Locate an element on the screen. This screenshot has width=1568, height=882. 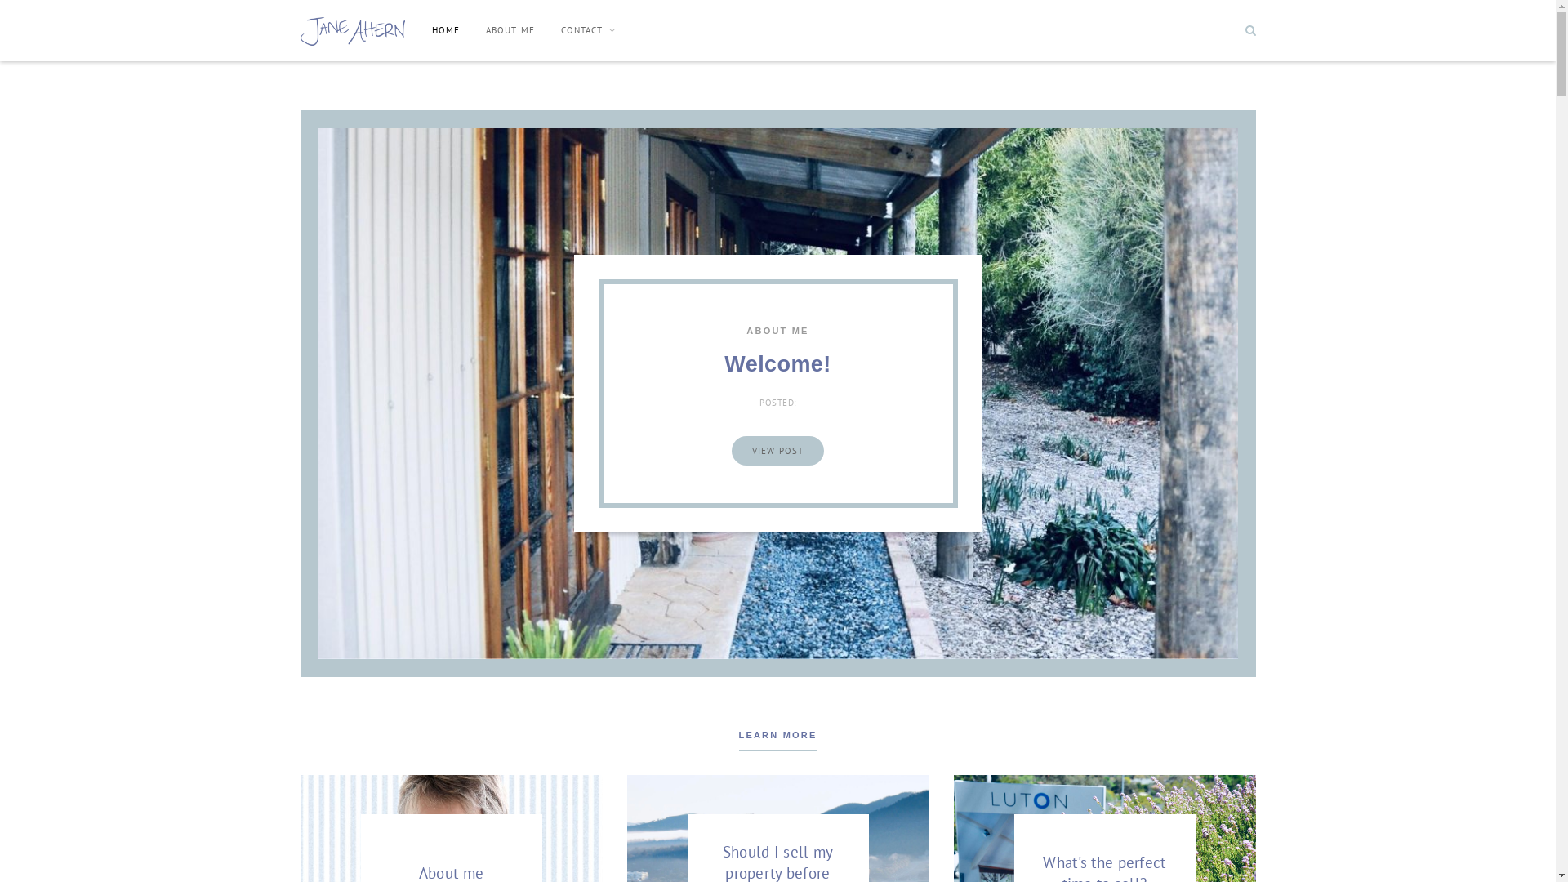
'Welcome!' is located at coordinates (776, 363).